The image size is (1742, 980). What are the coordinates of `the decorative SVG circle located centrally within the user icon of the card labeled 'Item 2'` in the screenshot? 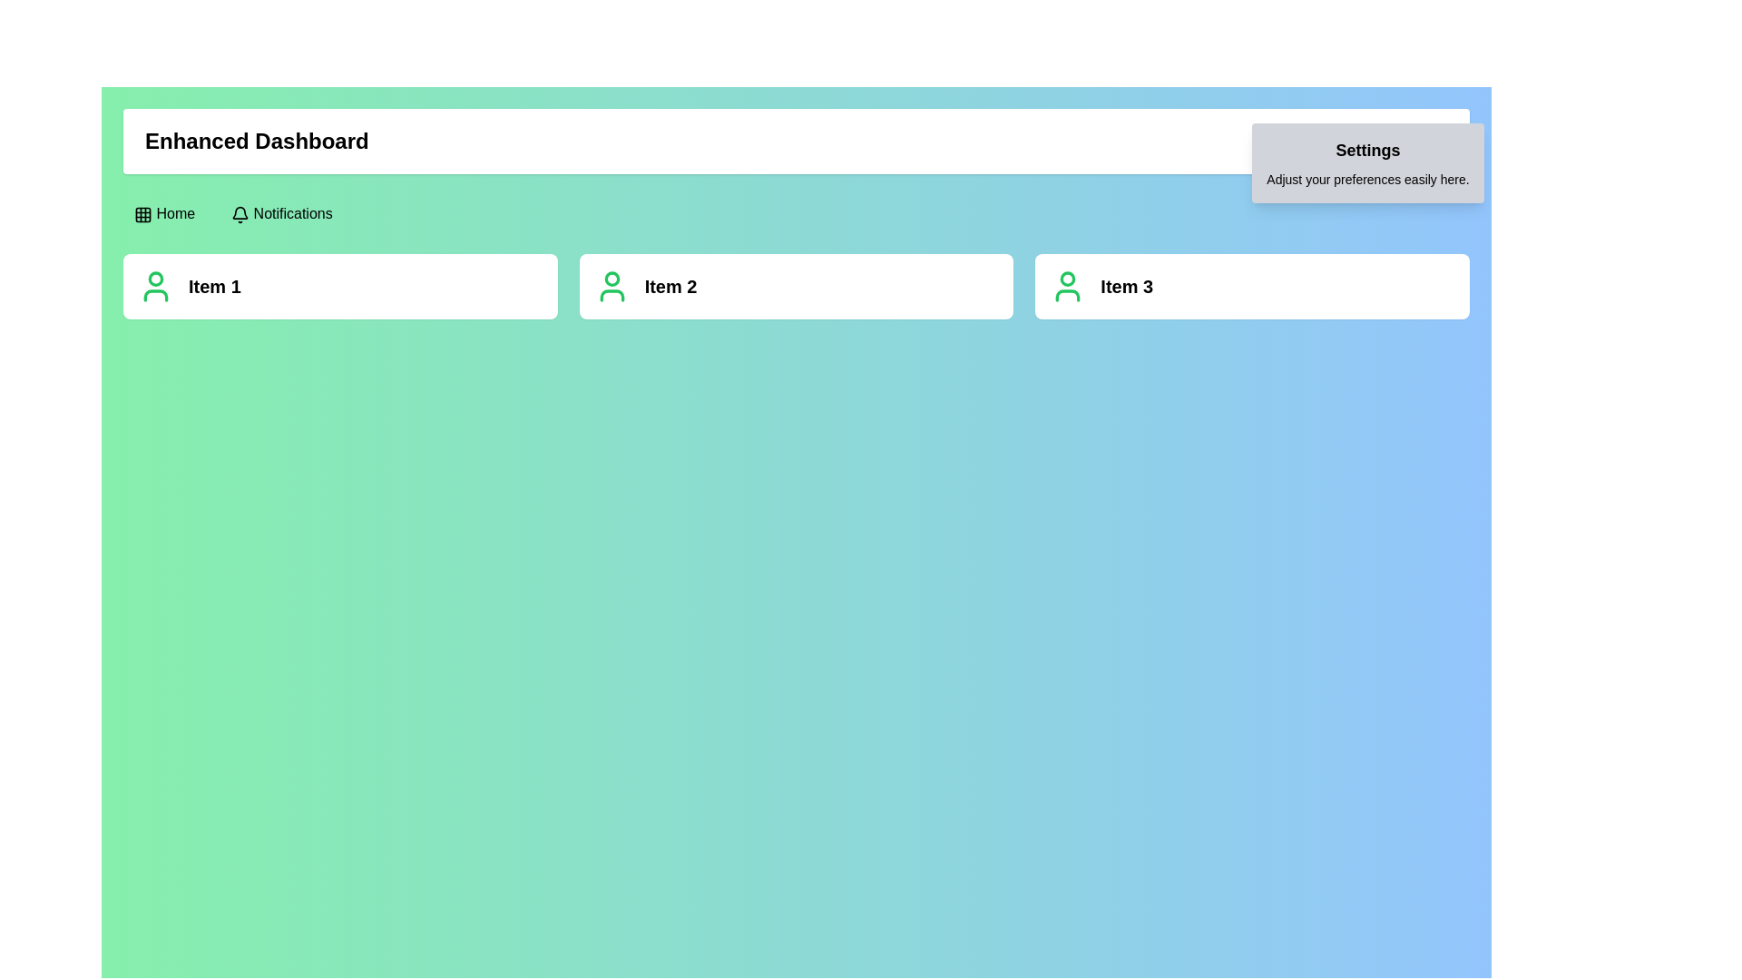 It's located at (612, 279).